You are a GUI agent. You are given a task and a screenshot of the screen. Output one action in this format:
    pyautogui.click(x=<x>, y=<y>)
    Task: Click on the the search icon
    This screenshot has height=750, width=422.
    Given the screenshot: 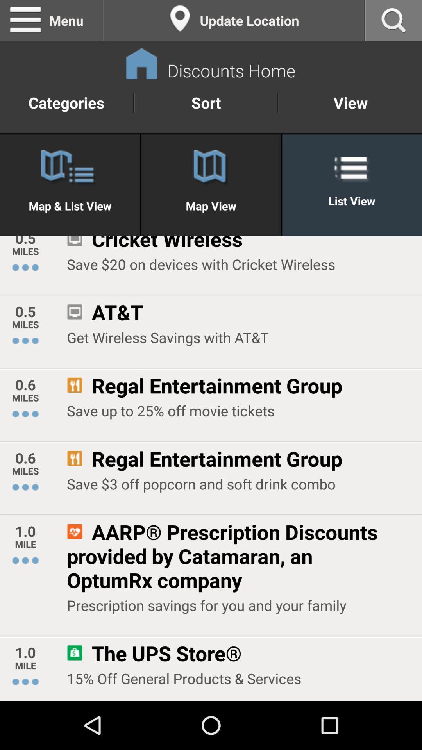 What is the action you would take?
    pyautogui.click(x=393, y=22)
    